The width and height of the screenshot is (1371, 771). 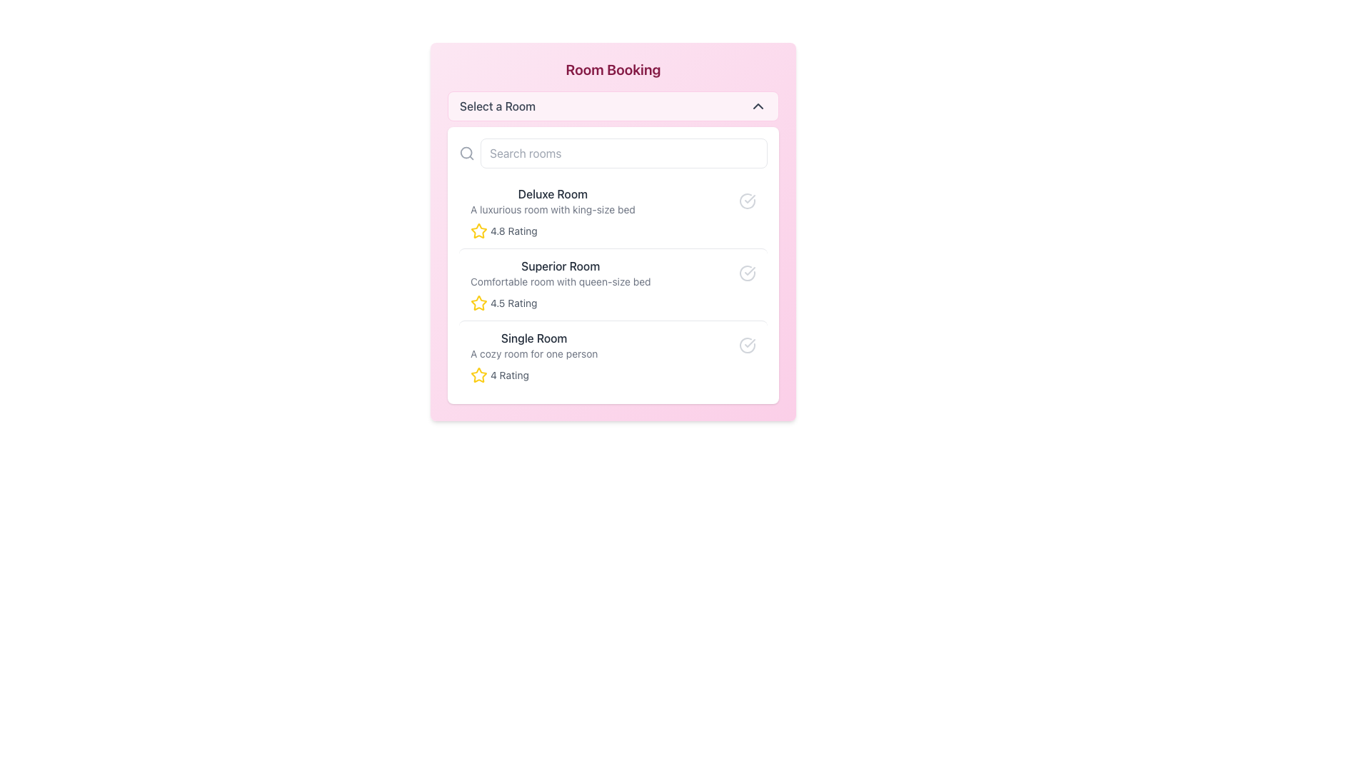 I want to click on the first star-shaped yellow icon in the 'Room Booking' section, which is positioned next to the rating information for the 'Deluxe Room', so click(x=479, y=230).